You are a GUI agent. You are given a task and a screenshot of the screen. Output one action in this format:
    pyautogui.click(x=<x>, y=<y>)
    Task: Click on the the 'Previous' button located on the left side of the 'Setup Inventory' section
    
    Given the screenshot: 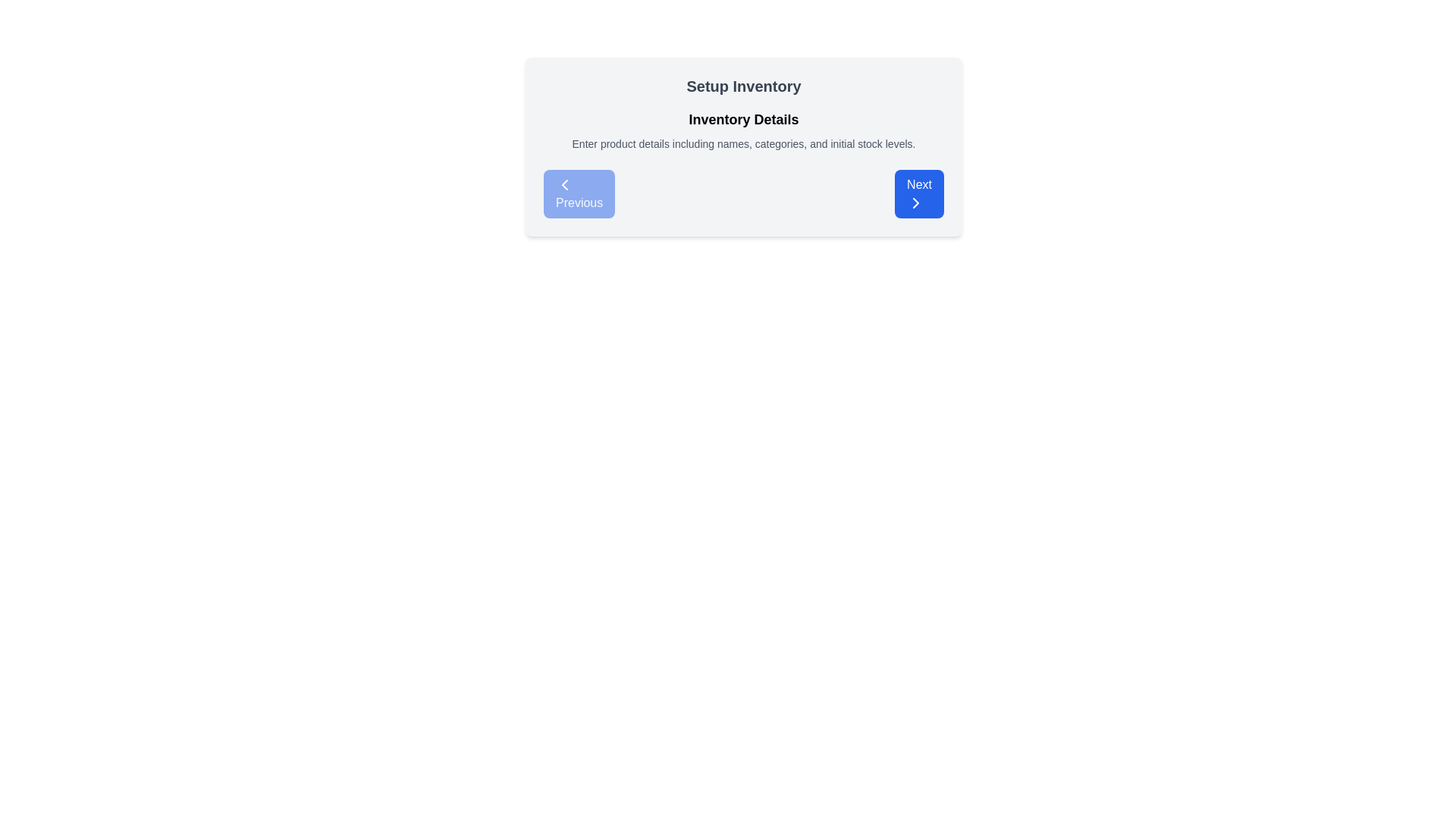 What is the action you would take?
    pyautogui.click(x=579, y=193)
    